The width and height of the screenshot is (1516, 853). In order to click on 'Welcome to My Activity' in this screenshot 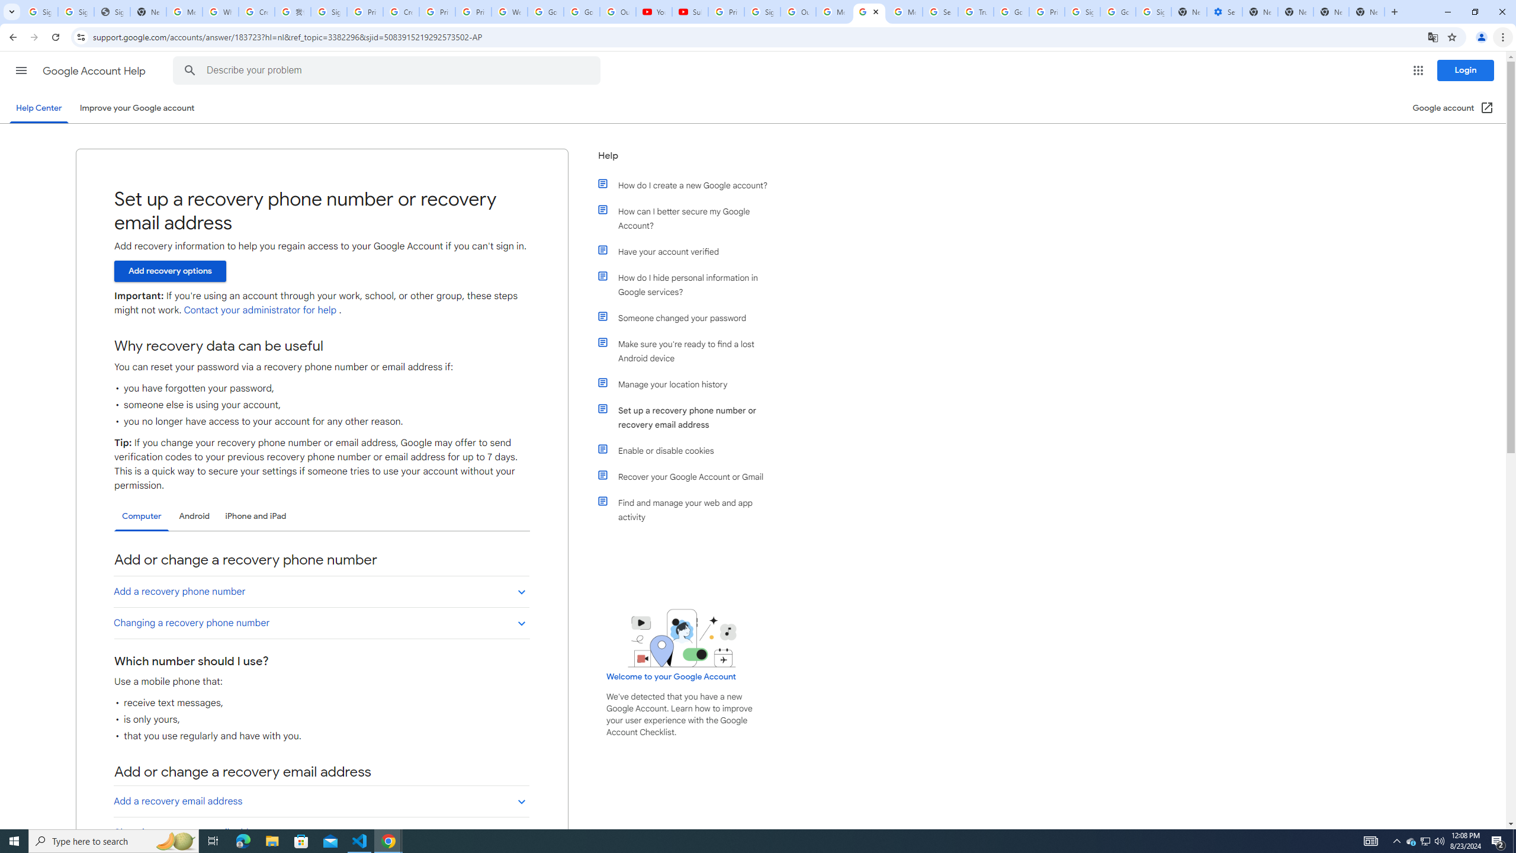, I will do `click(509, 11)`.